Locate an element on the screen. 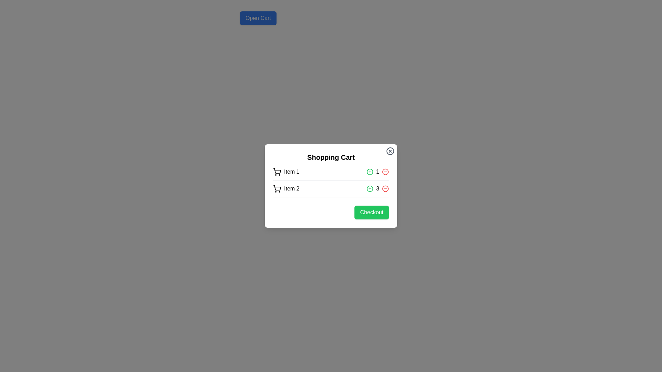 The image size is (662, 372). the text display showing the number '1' which is part of the item counter located in the shopping cart popup under 'Item 1' is located at coordinates (377, 171).